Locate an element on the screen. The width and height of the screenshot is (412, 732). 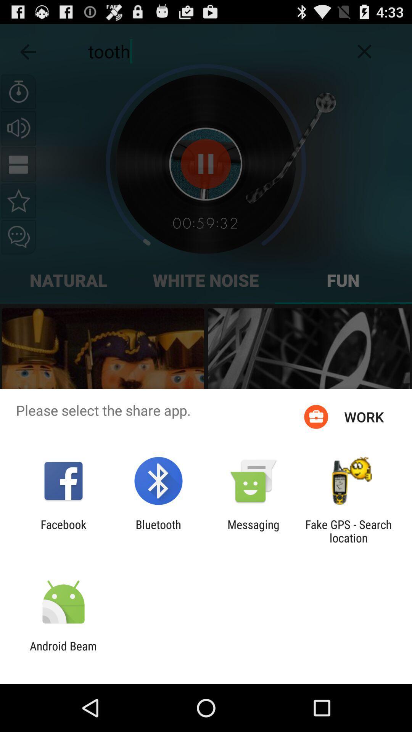
icon to the right of the messaging item is located at coordinates (348, 531).